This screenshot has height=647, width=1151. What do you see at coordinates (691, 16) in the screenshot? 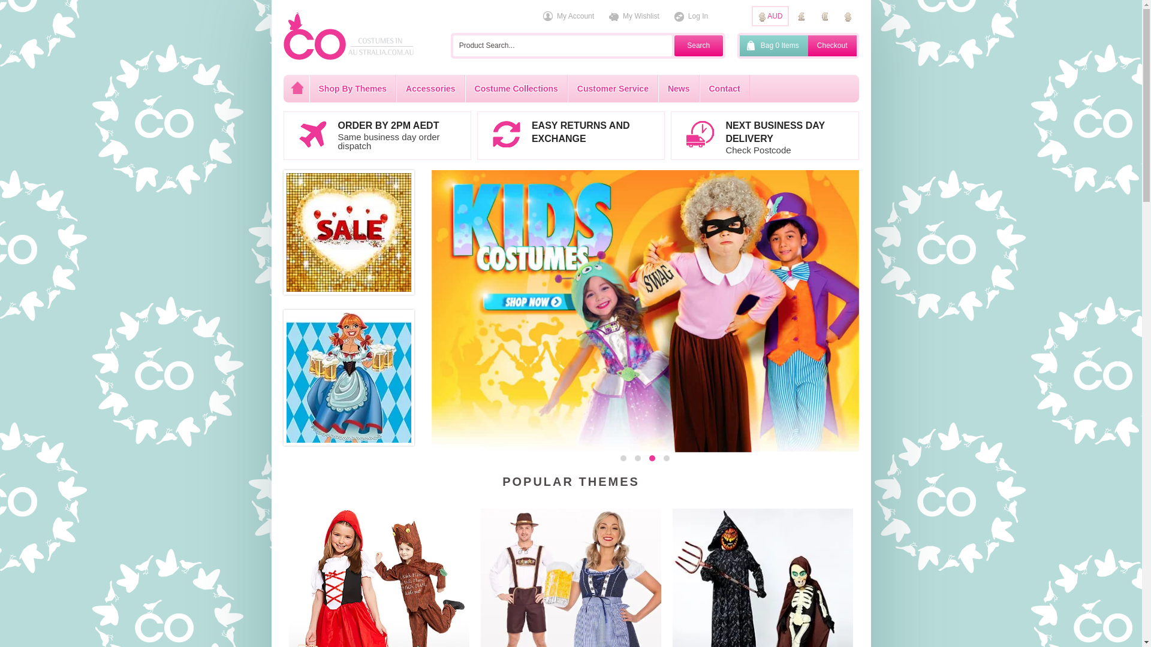
I see `'Log In'` at bounding box center [691, 16].